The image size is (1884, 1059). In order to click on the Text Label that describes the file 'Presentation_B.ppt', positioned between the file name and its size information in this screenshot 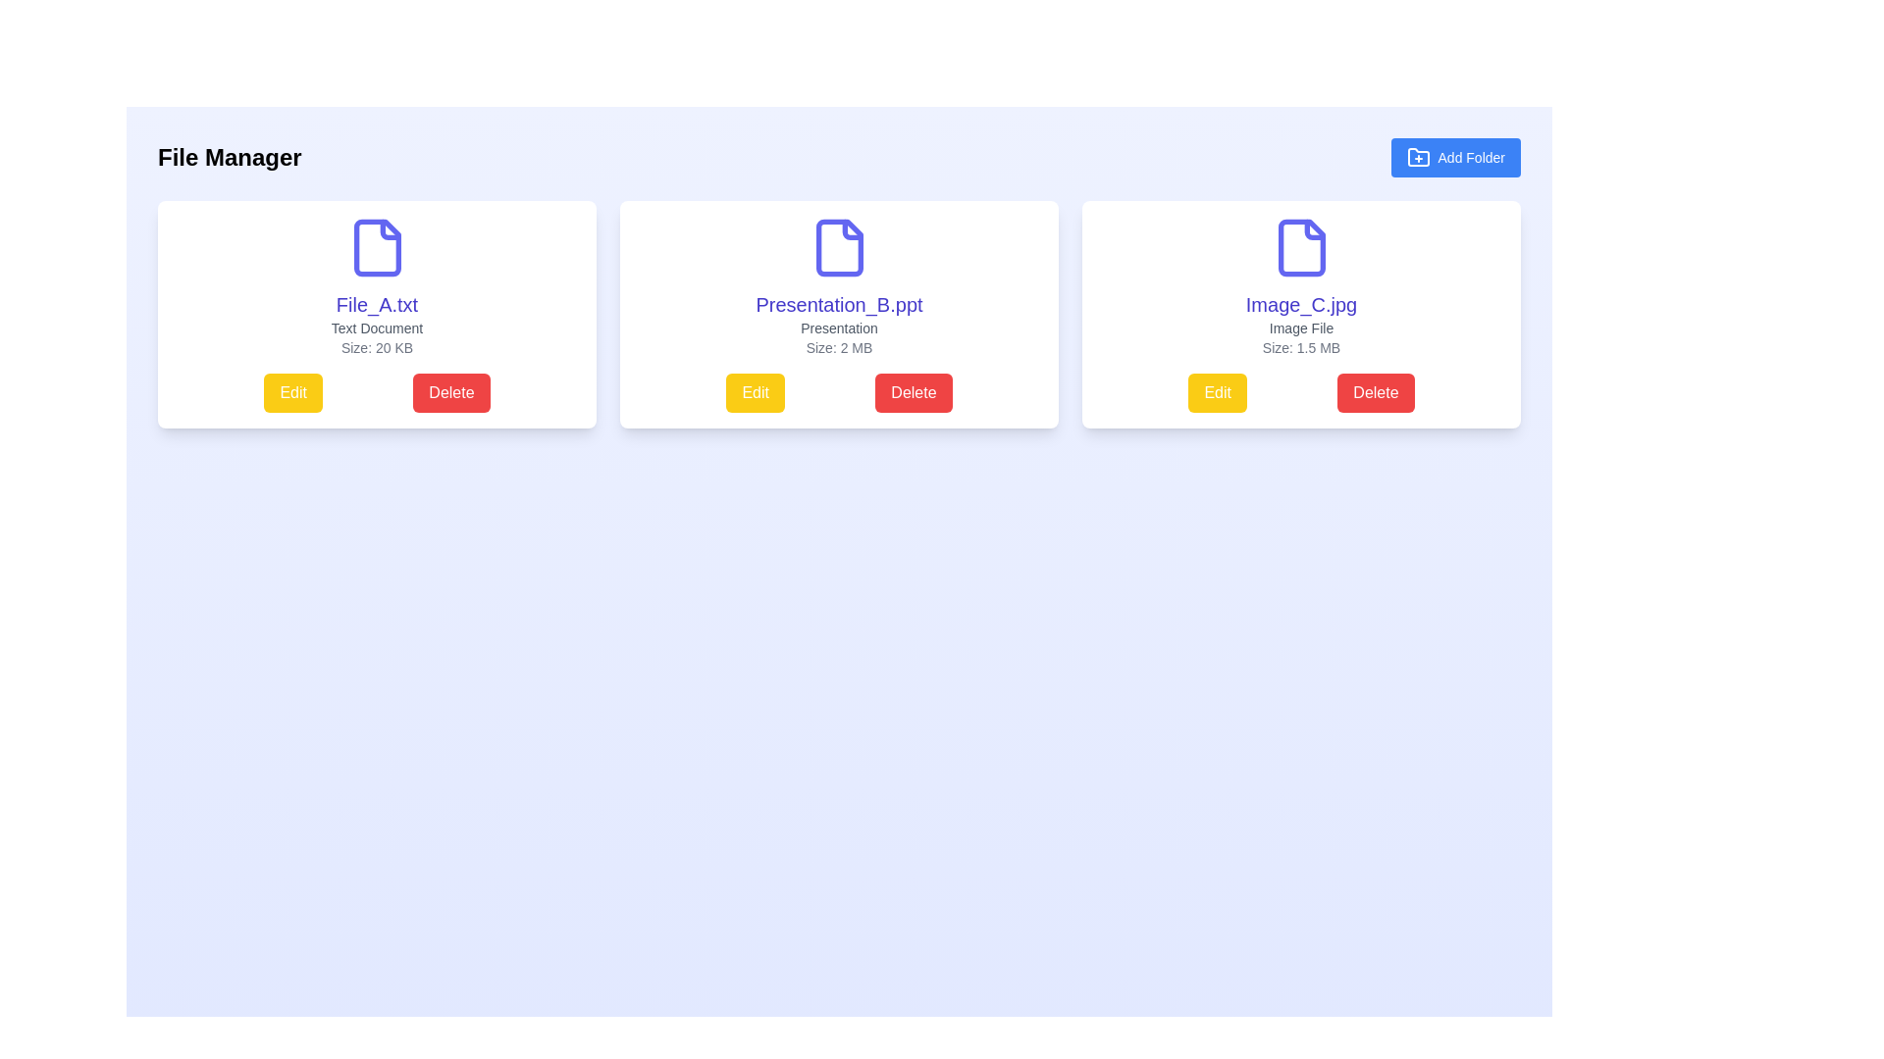, I will do `click(839, 328)`.